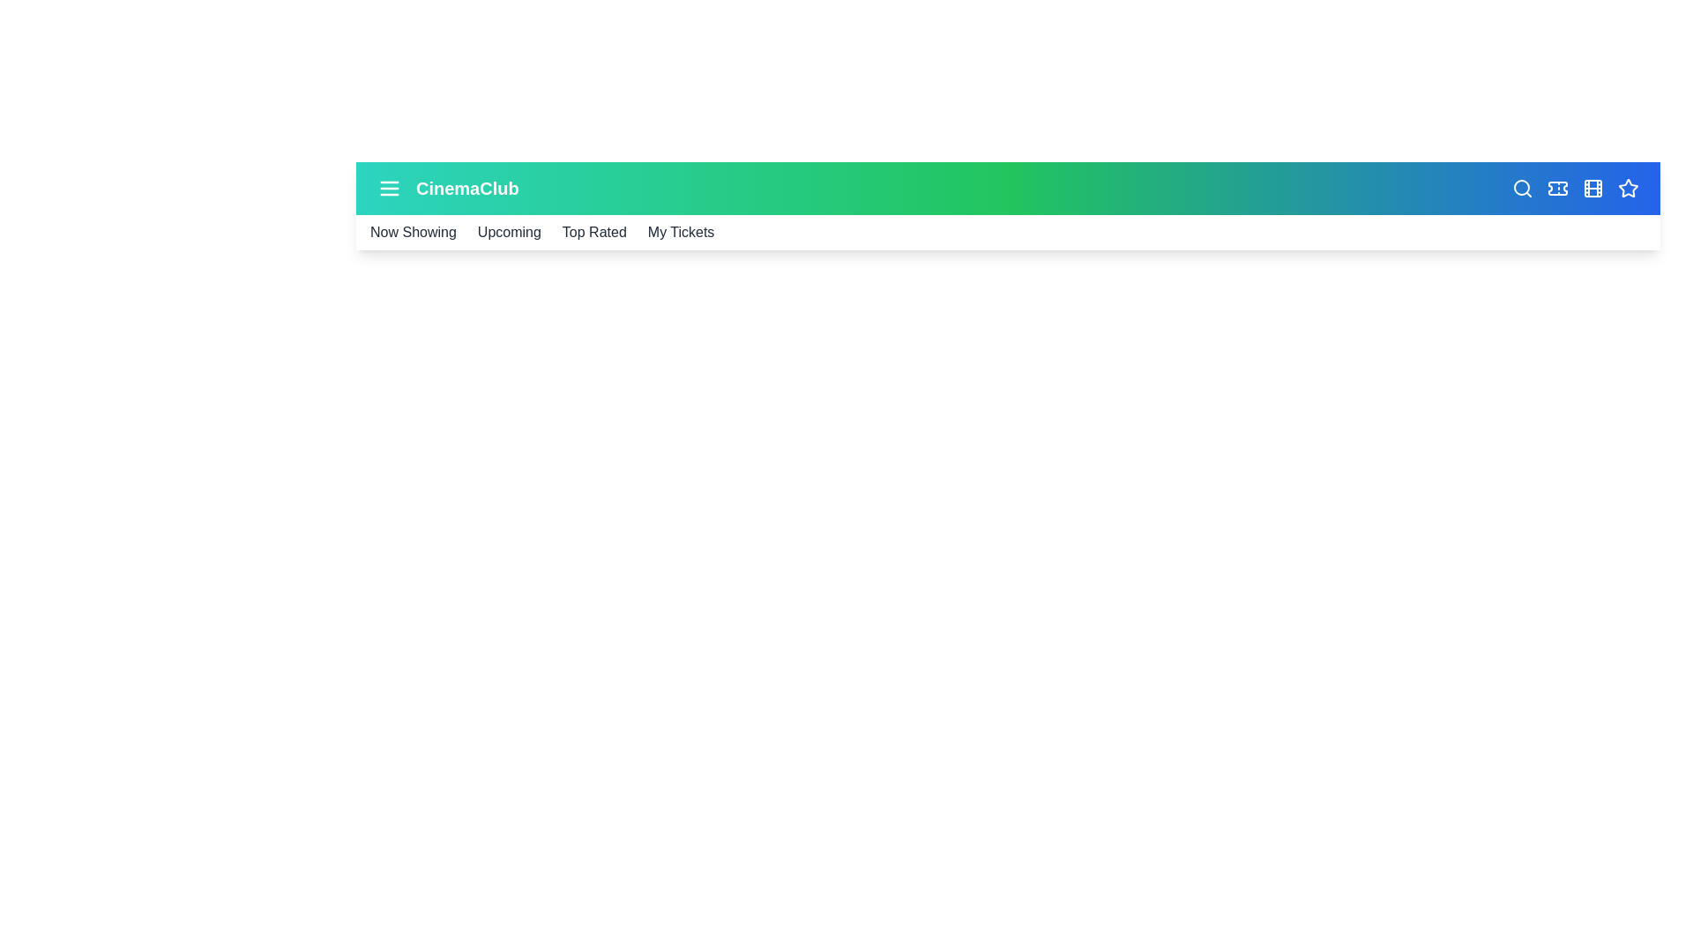  I want to click on the search icon in the CinemaAppBar, so click(1522, 188).